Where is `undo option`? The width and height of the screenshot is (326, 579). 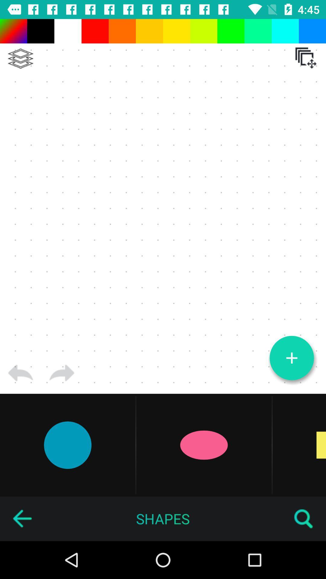
undo option is located at coordinates (20, 373).